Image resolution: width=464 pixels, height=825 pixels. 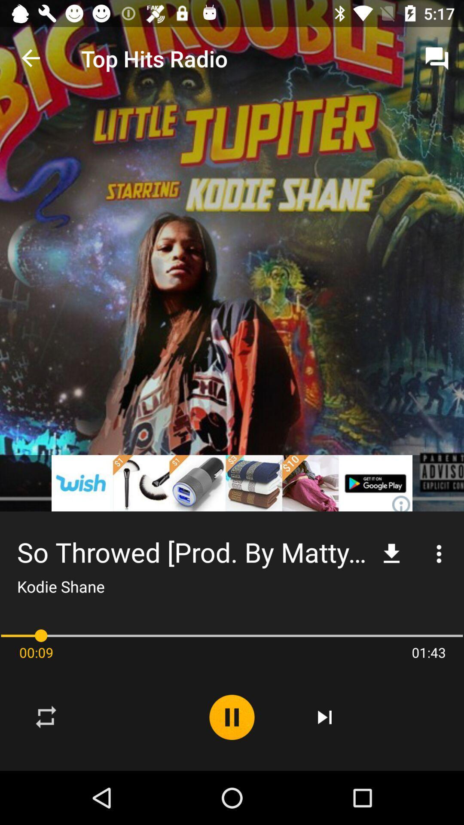 What do you see at coordinates (391, 554) in the screenshot?
I see `the item to the right of the so throwed prod item` at bounding box center [391, 554].